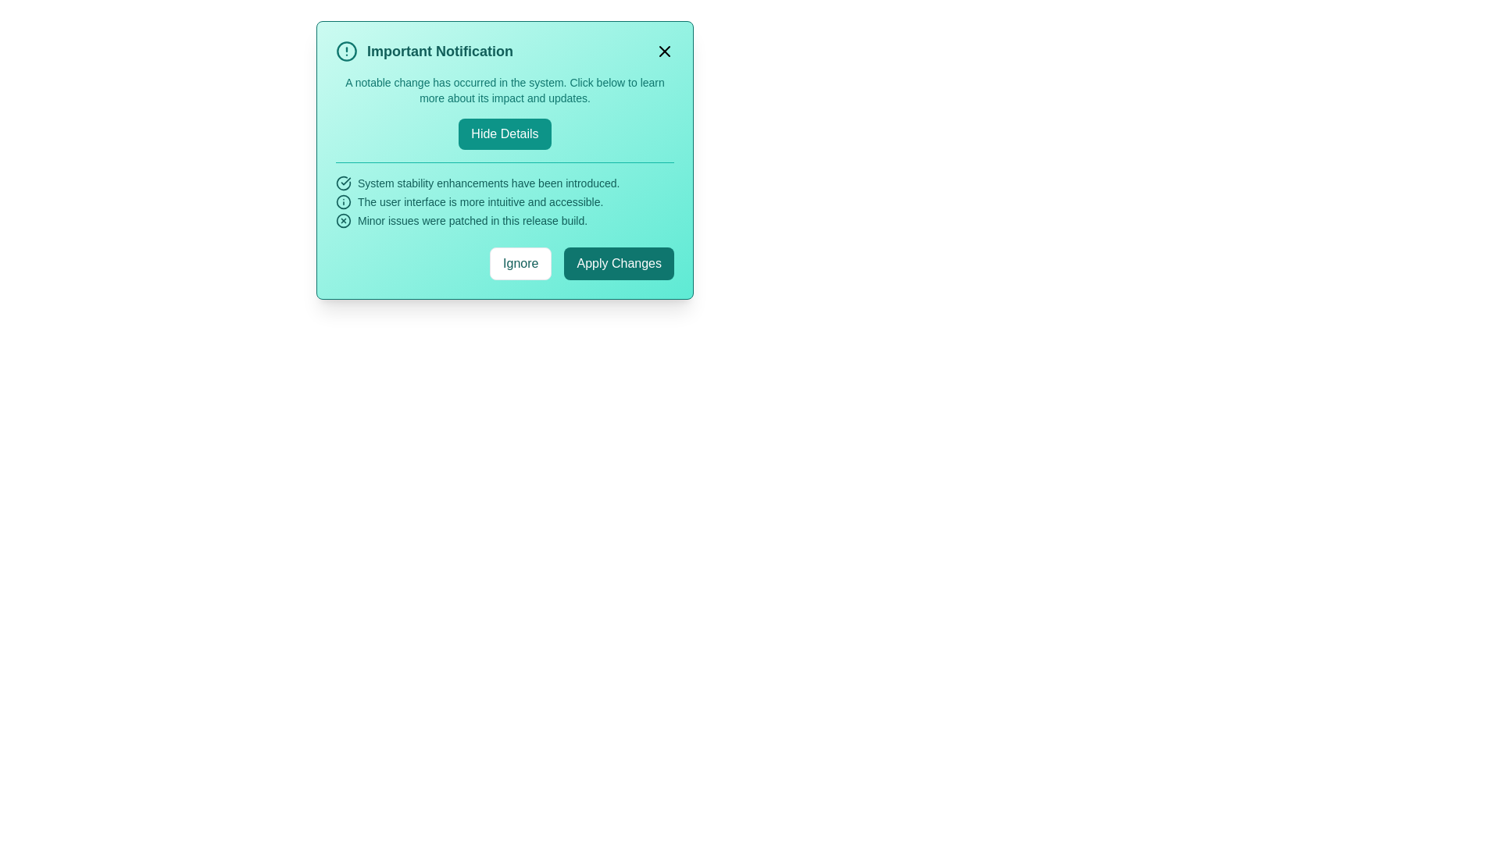  I want to click on the button located in the notification dialog box that collapses or hides additional details, simplifying the displayed information, so click(505, 133).